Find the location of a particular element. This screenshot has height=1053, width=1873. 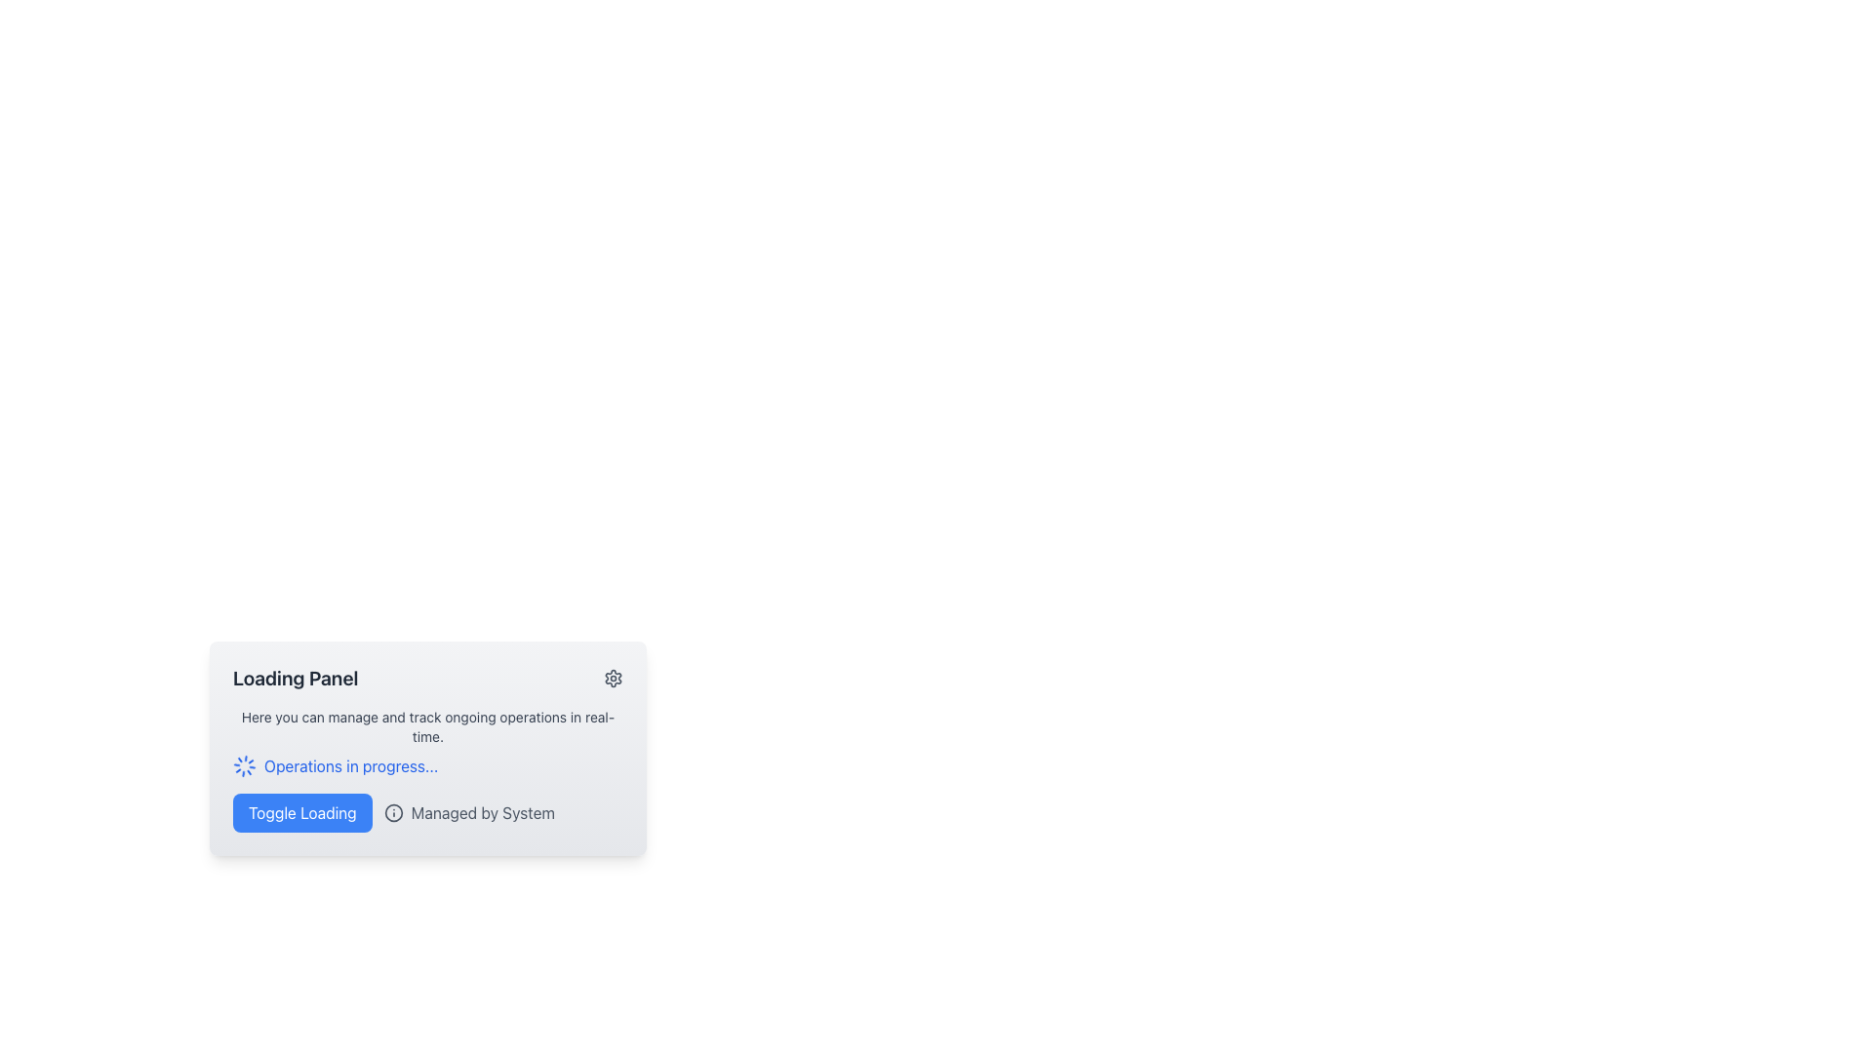

the text label that is styled in blue and reads 'Operations in progress...', located to the right of a spinning icon in the bottom section of the 'Loading Panel' is located at coordinates (351, 765).